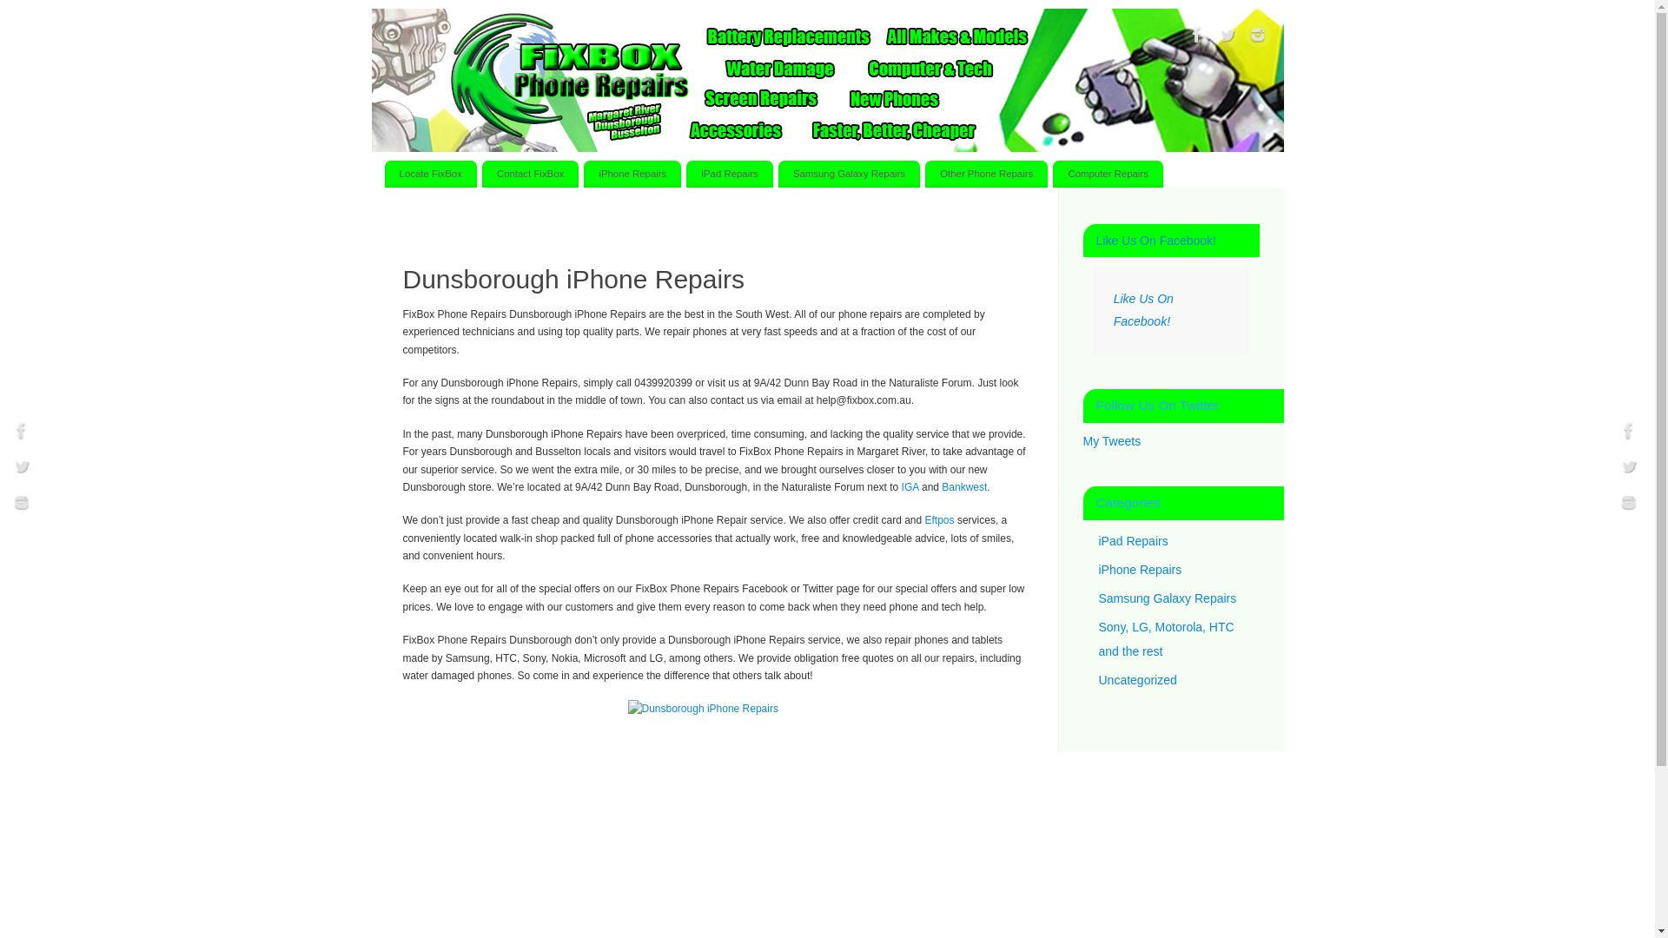 This screenshot has width=1668, height=938. I want to click on 'iPad Repairs', so click(1096, 538).